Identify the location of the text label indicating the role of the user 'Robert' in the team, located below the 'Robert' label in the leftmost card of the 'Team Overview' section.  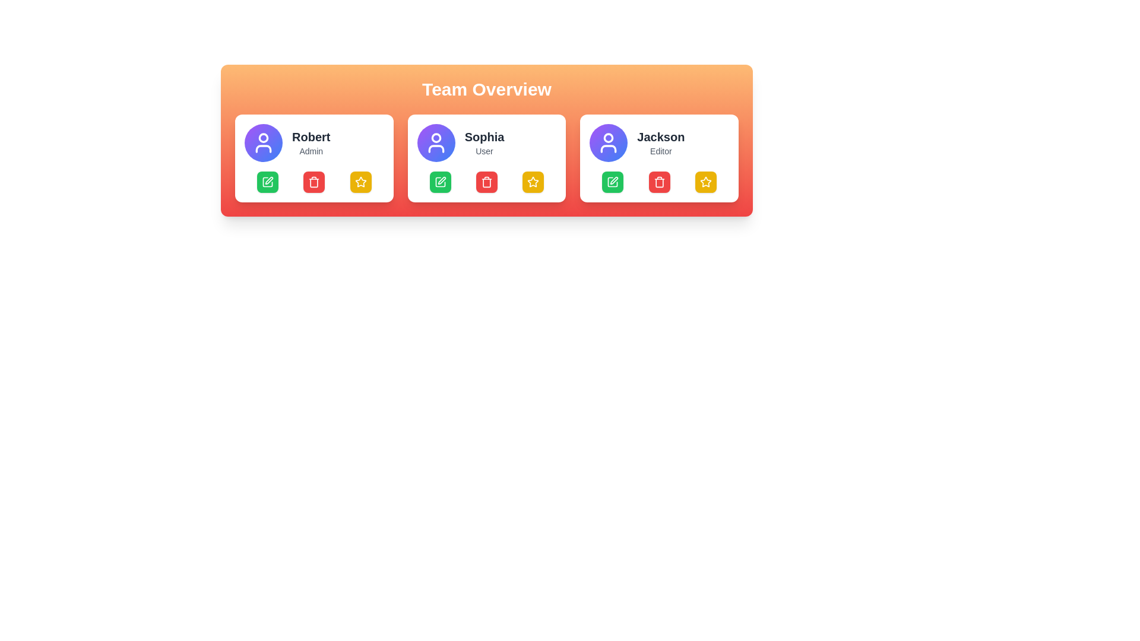
(311, 150).